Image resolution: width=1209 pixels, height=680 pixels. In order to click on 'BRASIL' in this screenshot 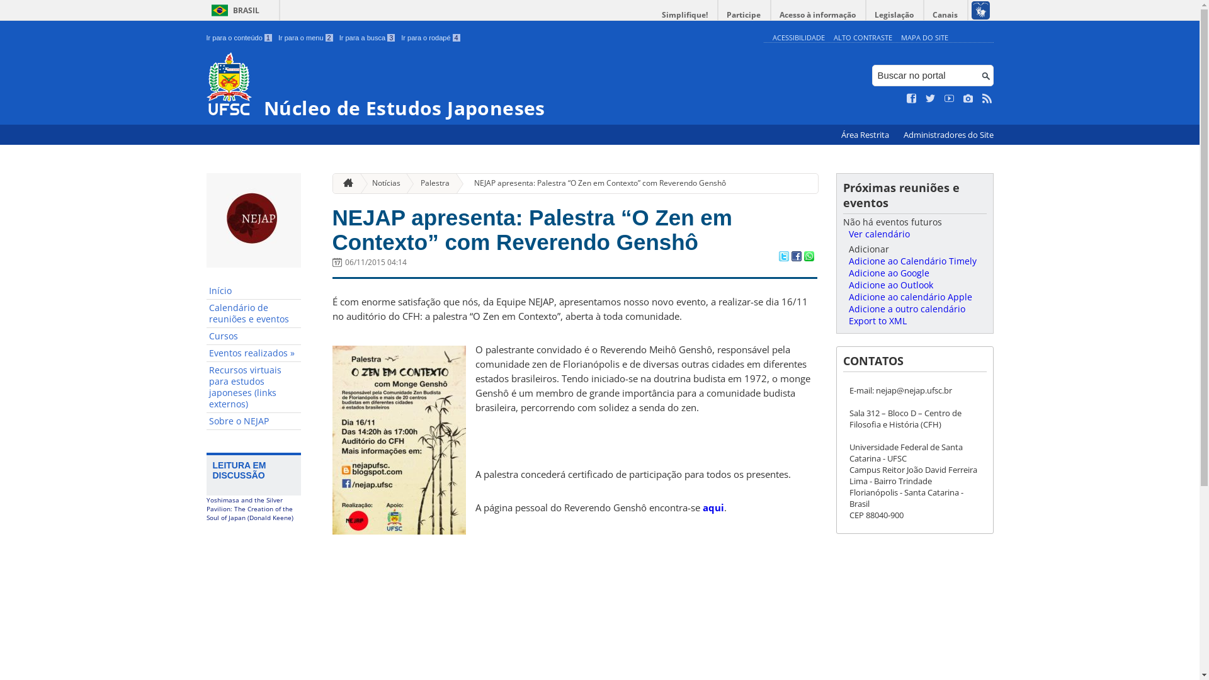, I will do `click(206, 10)`.